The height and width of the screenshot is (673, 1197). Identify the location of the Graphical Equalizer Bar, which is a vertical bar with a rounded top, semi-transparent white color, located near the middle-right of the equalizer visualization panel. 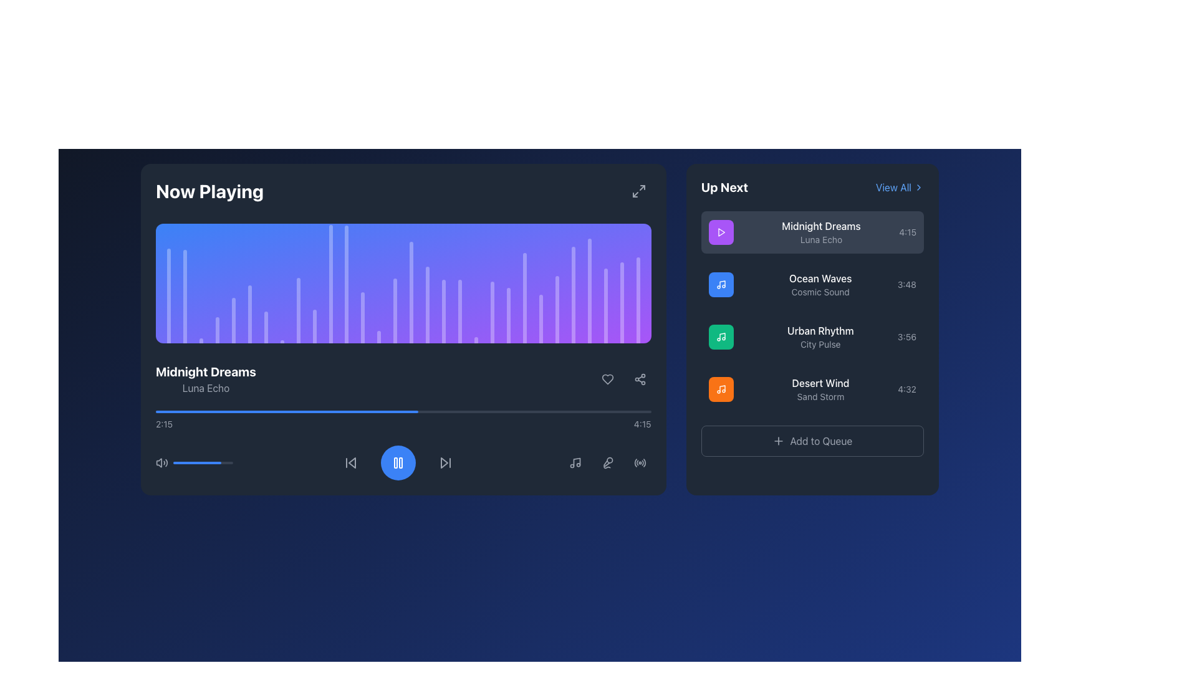
(541, 318).